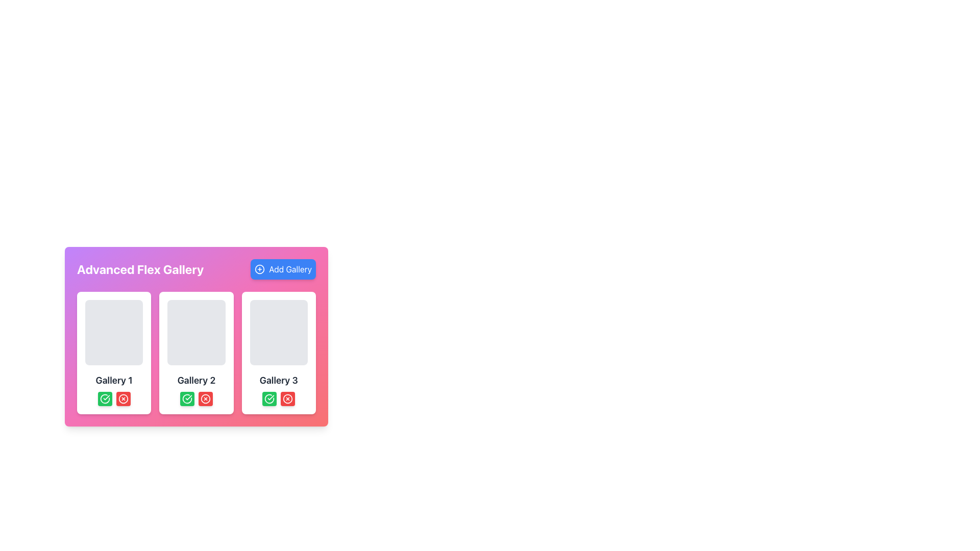 This screenshot has width=980, height=551. Describe the element at coordinates (205, 398) in the screenshot. I see `the red dismissive button with an 'X' icon located to the right of the green 'check' button, directly underneath the 'Gallery 2' image box` at that location.